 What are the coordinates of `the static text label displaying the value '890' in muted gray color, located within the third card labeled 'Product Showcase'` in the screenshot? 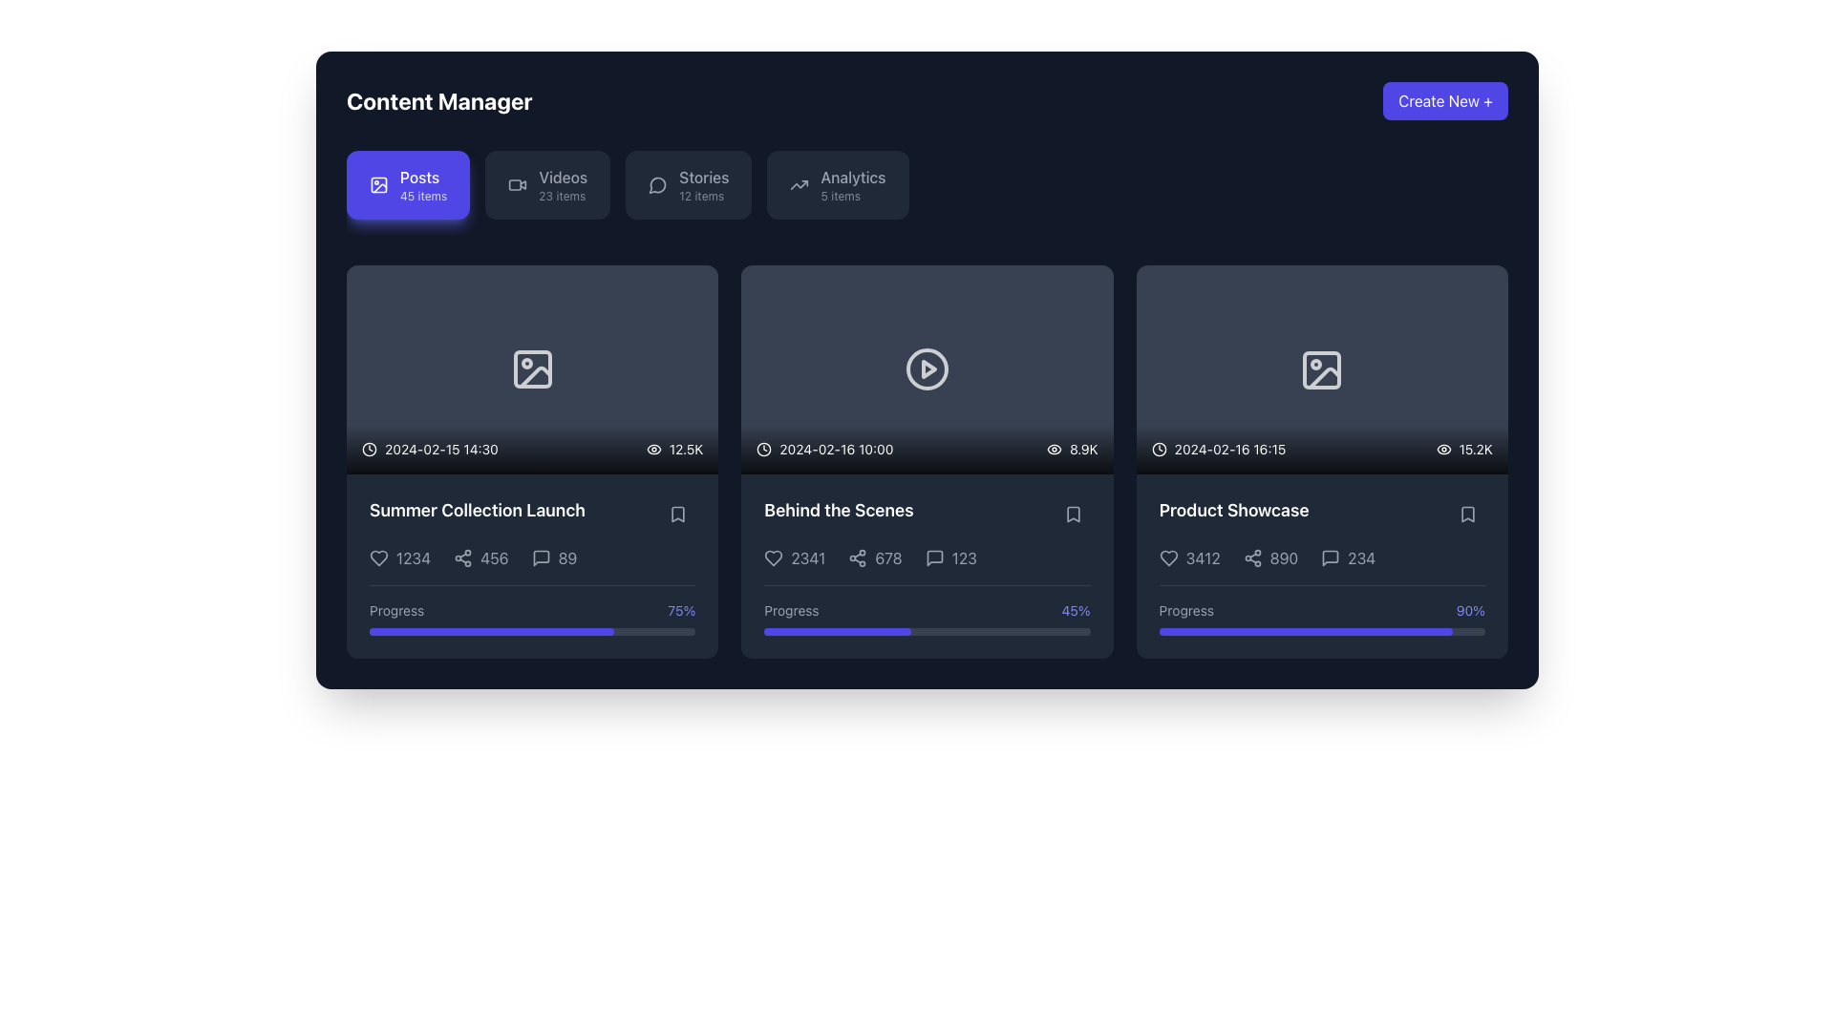 It's located at (1284, 558).